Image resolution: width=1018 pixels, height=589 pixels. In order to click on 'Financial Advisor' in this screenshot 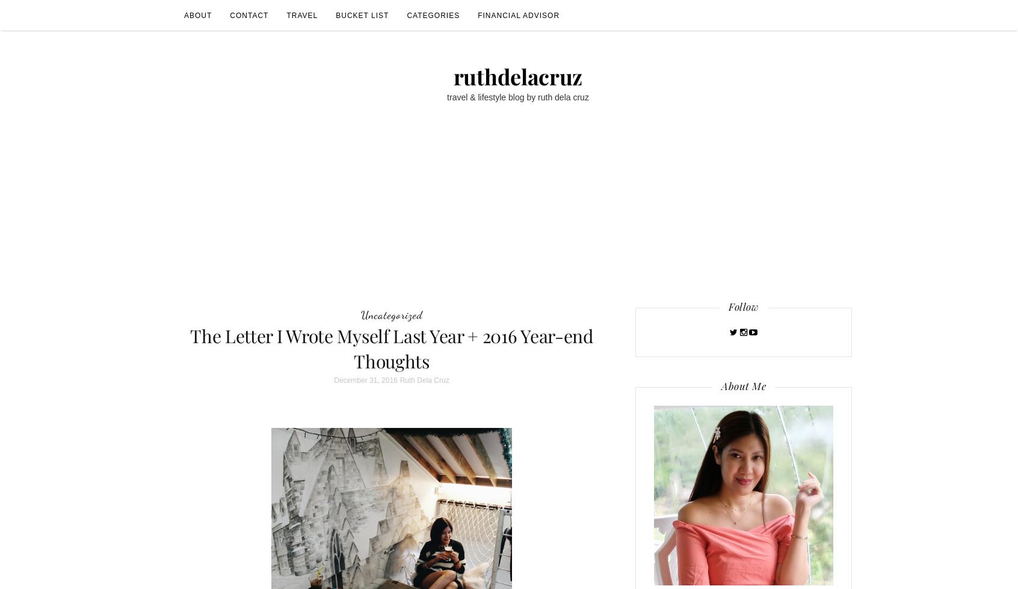, I will do `click(518, 15)`.